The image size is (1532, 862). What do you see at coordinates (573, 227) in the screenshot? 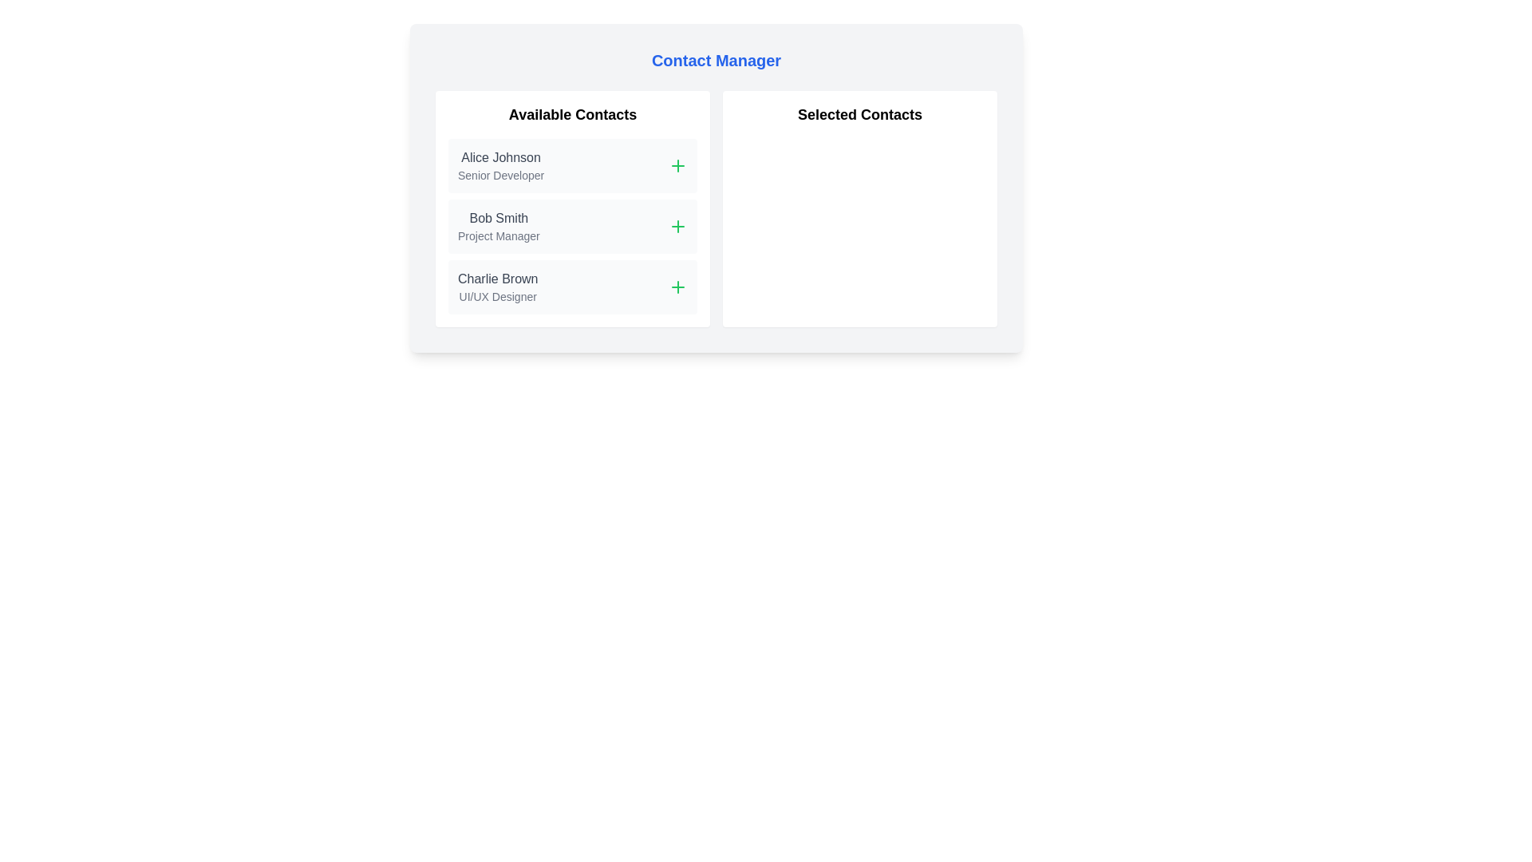
I see `the contact list item displaying 'Bob Smith' and their title 'Project Manager'` at bounding box center [573, 227].